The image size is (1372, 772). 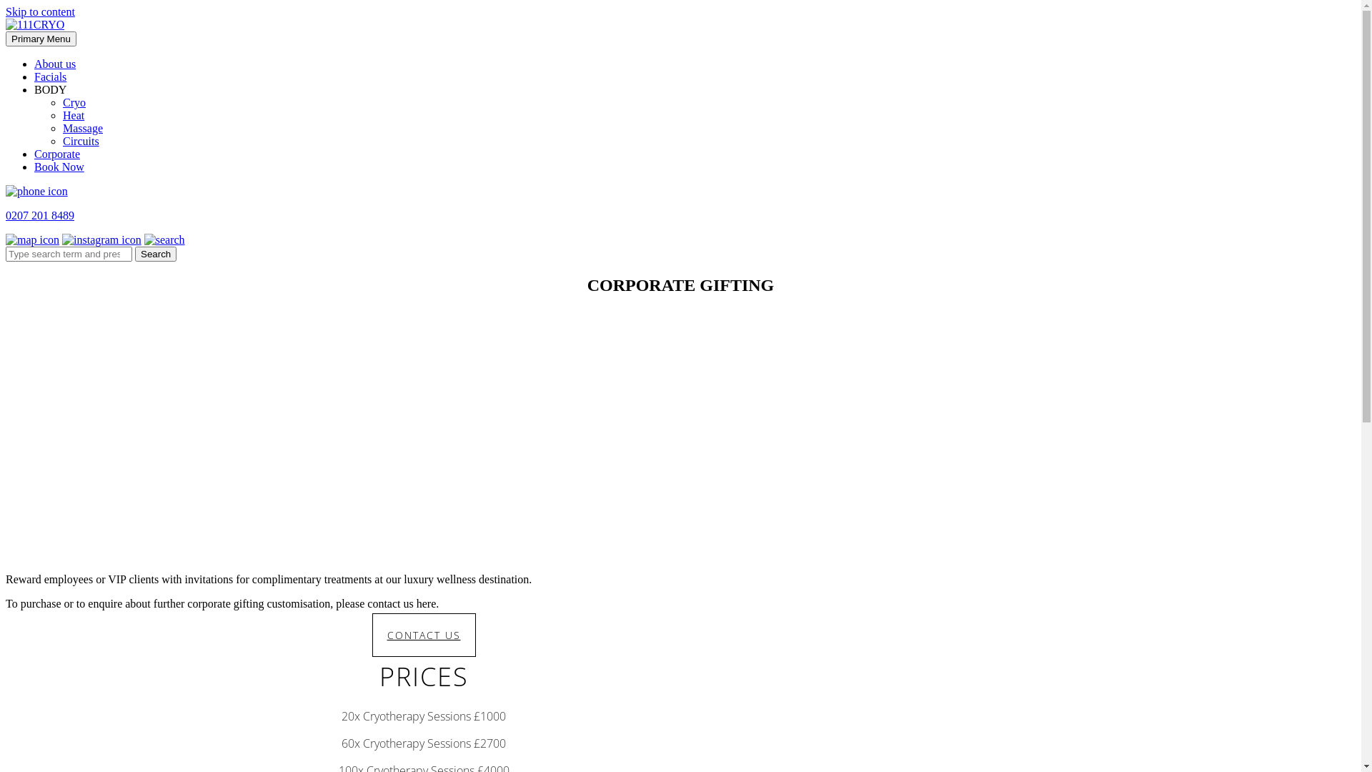 I want to click on 'Primary Menu', so click(x=6, y=38).